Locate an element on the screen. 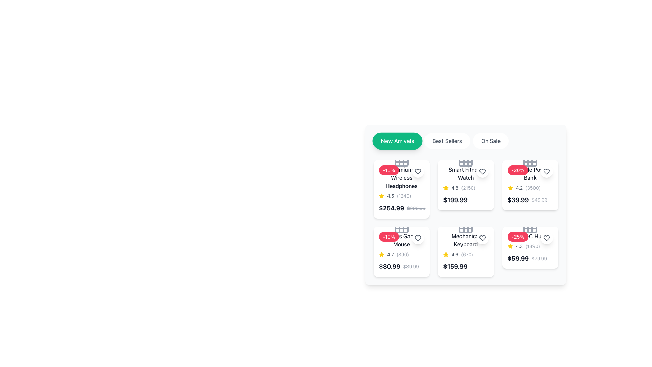 The width and height of the screenshot is (652, 367). the icon resembling a 3x3 grid, styled in gray, located at the top-center of the product card for 'Portable Power Bank' is located at coordinates (530, 160).